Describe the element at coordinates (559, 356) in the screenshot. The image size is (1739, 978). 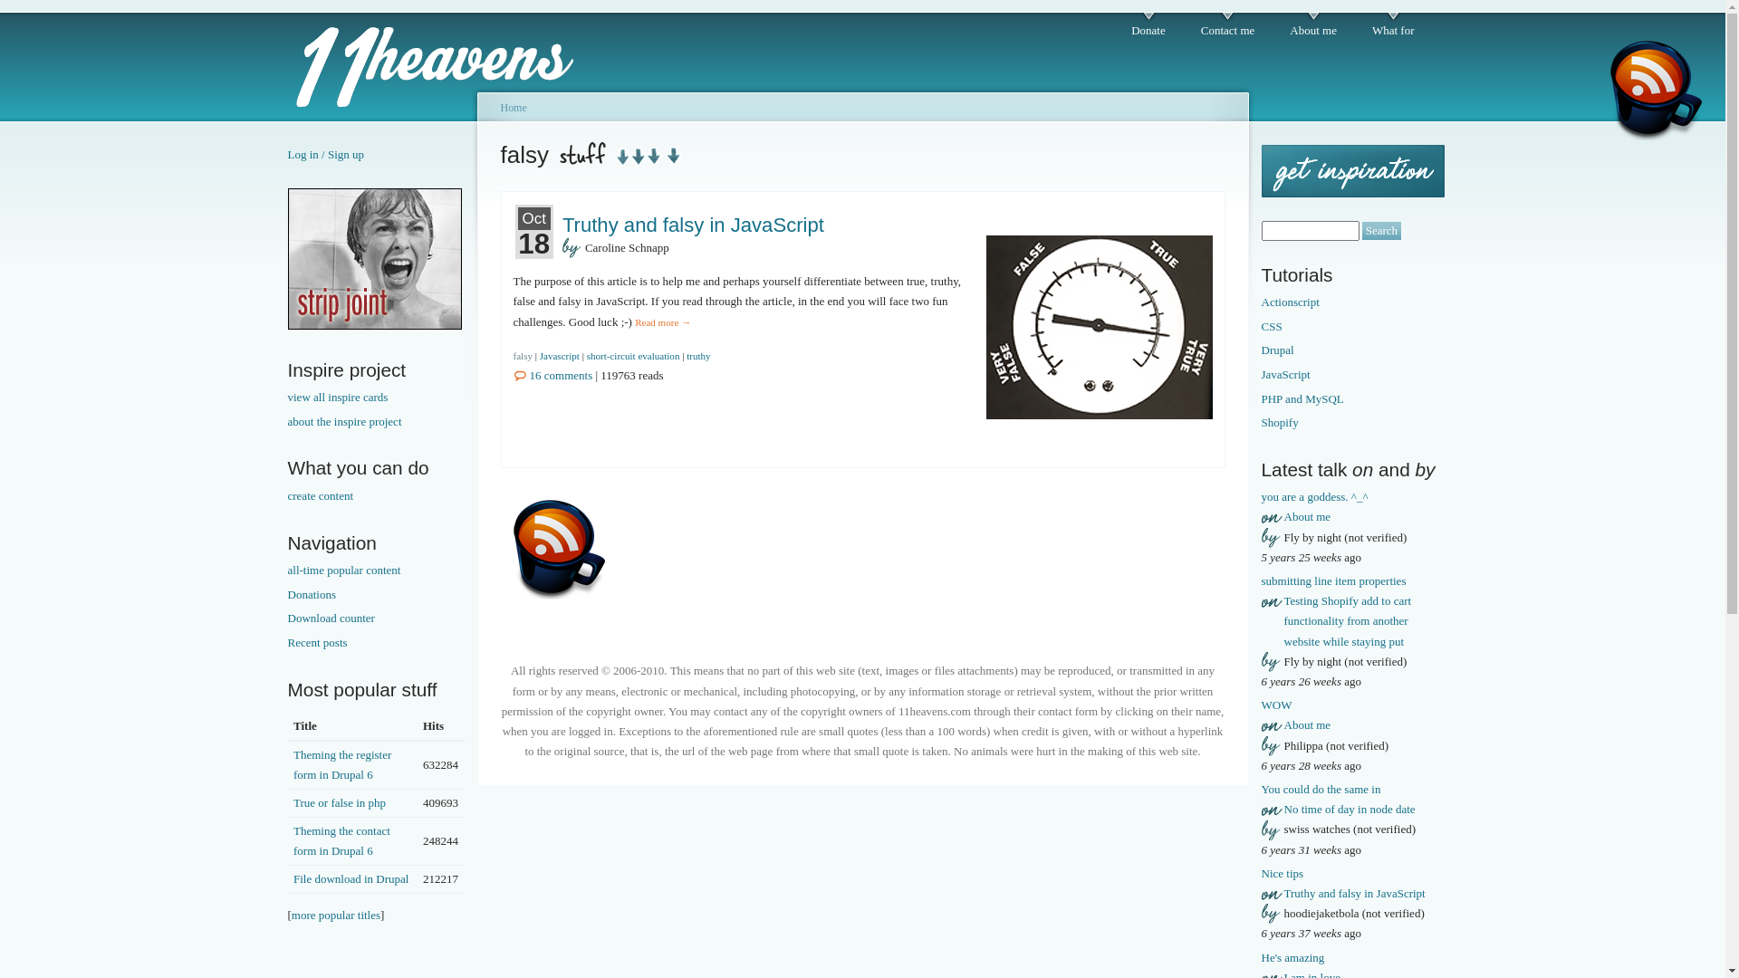
I see `'Javascript'` at that location.